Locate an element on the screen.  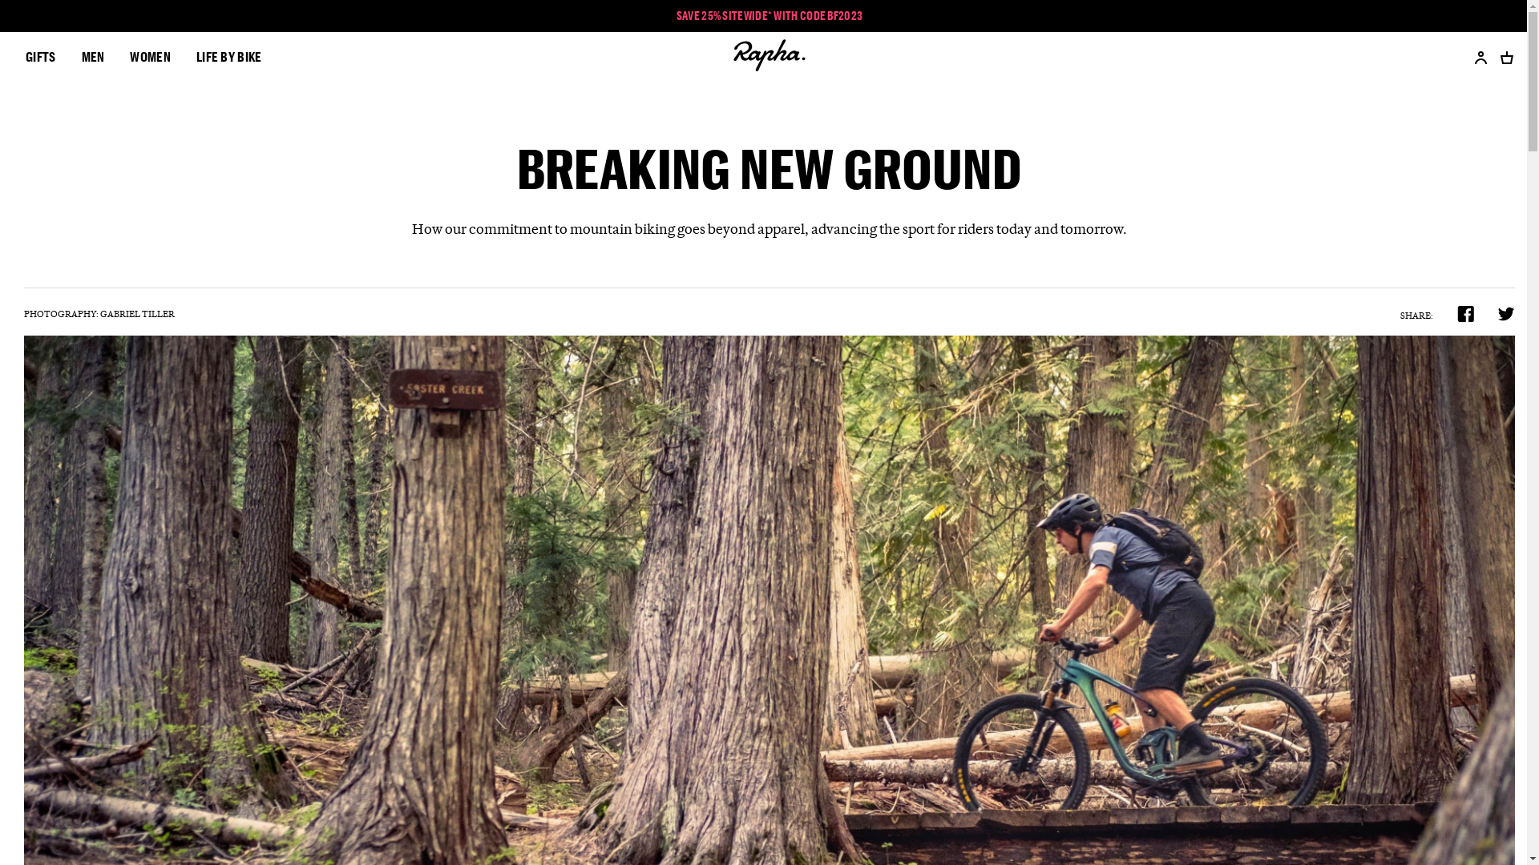
'GIFTS' is located at coordinates (41, 56).